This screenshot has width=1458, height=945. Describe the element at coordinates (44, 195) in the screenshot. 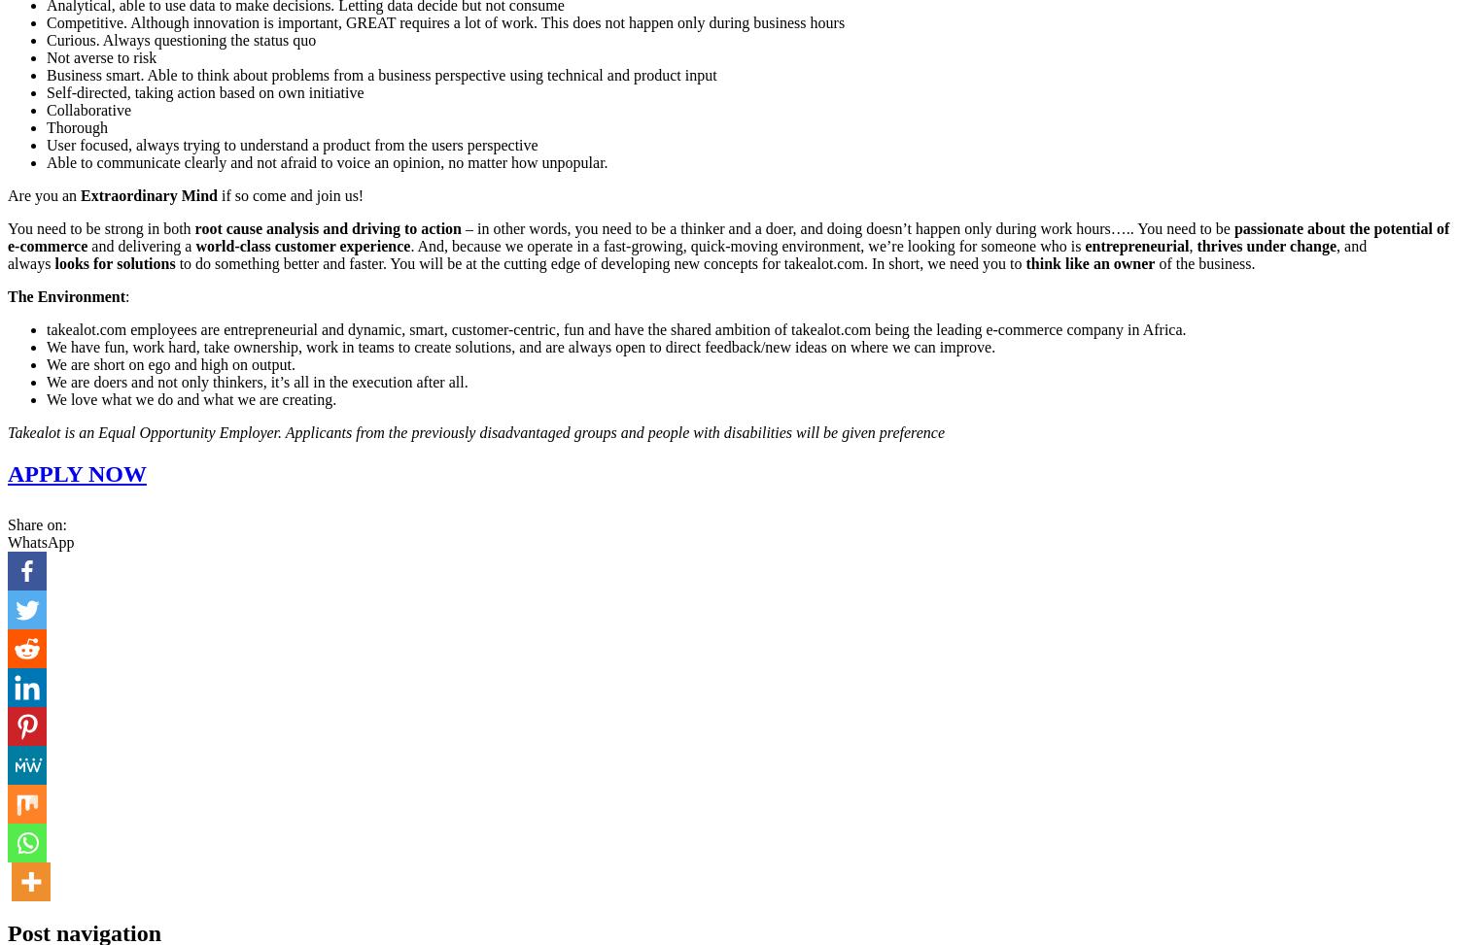

I see `'Are you an'` at that location.